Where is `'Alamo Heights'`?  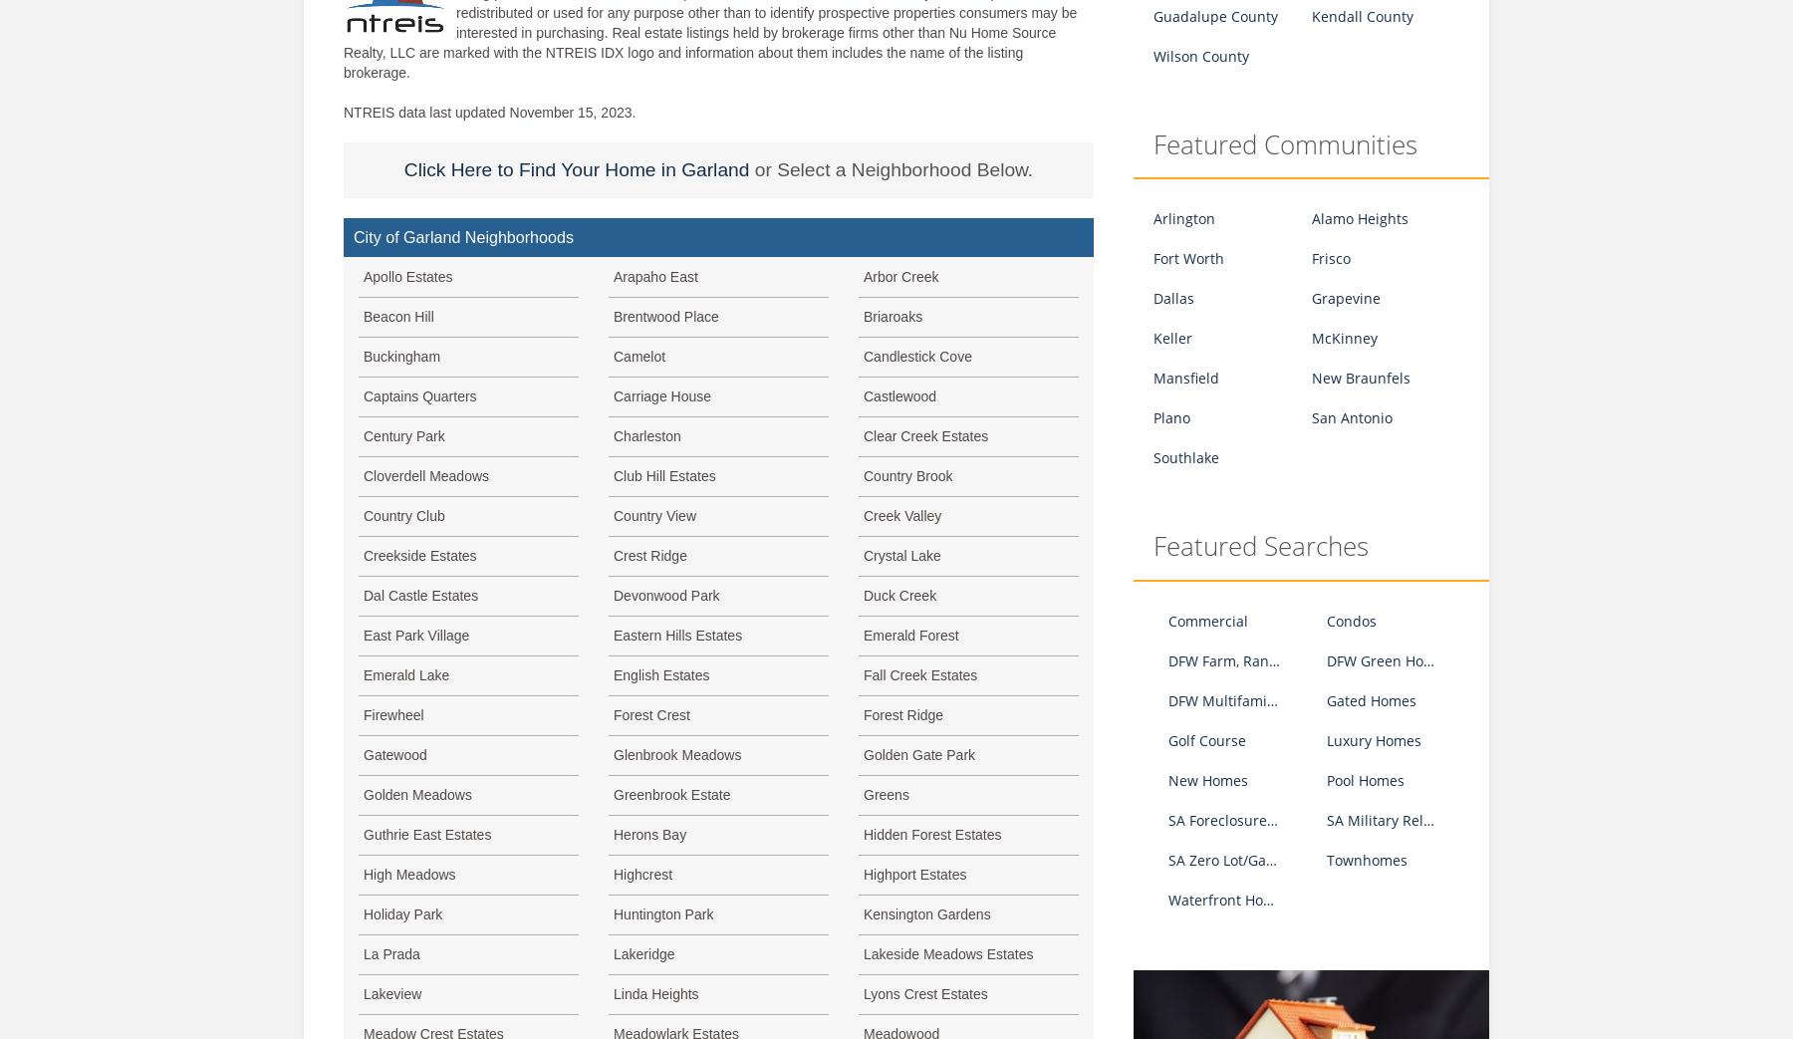
'Alamo Heights' is located at coordinates (1358, 217).